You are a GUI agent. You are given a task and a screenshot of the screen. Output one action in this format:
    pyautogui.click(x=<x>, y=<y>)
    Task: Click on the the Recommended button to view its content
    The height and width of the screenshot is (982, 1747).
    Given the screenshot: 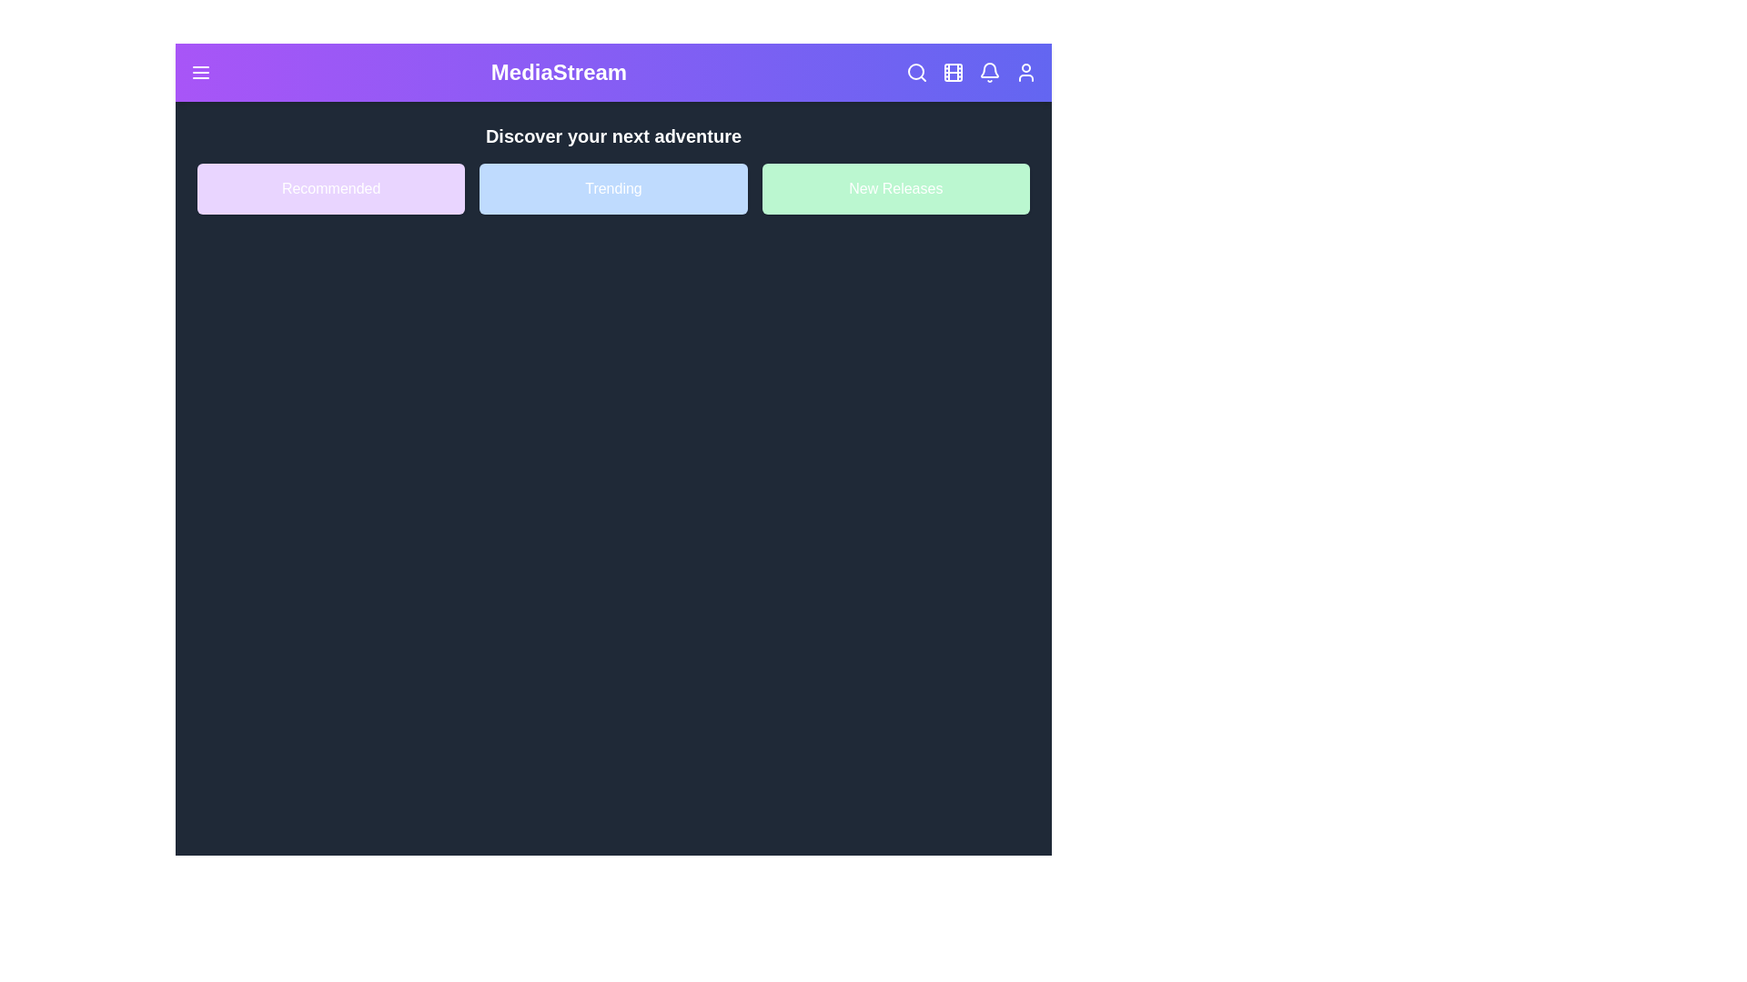 What is the action you would take?
    pyautogui.click(x=331, y=189)
    